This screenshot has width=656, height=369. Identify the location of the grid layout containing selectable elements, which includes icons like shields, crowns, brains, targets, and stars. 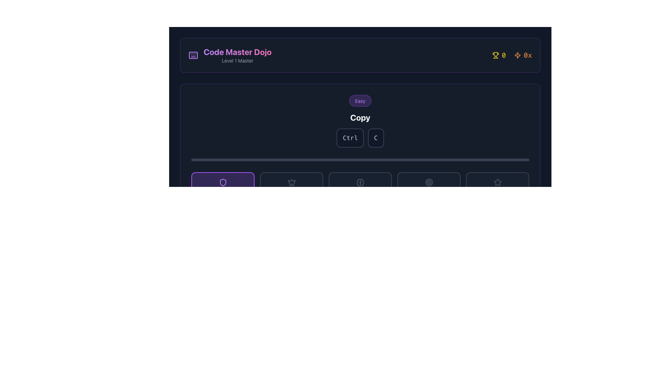
(360, 182).